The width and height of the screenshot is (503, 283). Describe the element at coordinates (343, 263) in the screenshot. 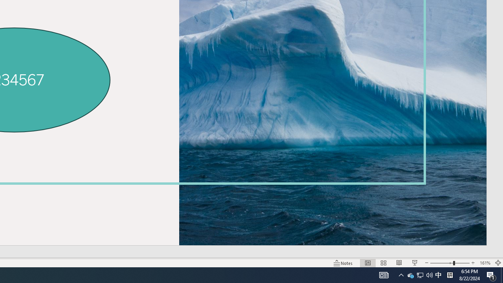

I see `'Notes '` at that location.